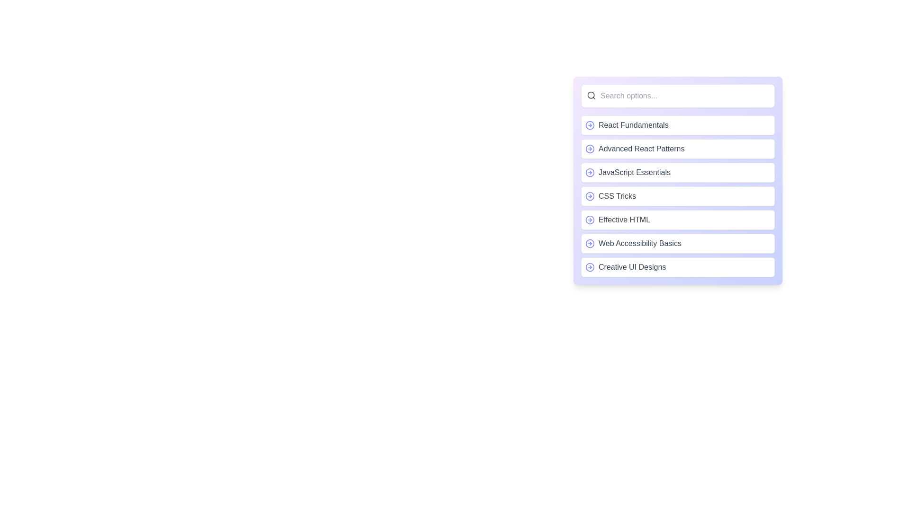 The width and height of the screenshot is (910, 511). What do you see at coordinates (589, 196) in the screenshot?
I see `the circular SVG icon with a right-pointing arrow inside, located to the left of the 'CSS Tricks' text label in a vertical list of options` at bounding box center [589, 196].